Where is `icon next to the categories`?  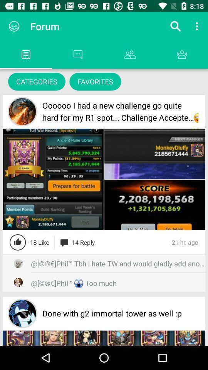 icon next to the categories is located at coordinates (95, 81).